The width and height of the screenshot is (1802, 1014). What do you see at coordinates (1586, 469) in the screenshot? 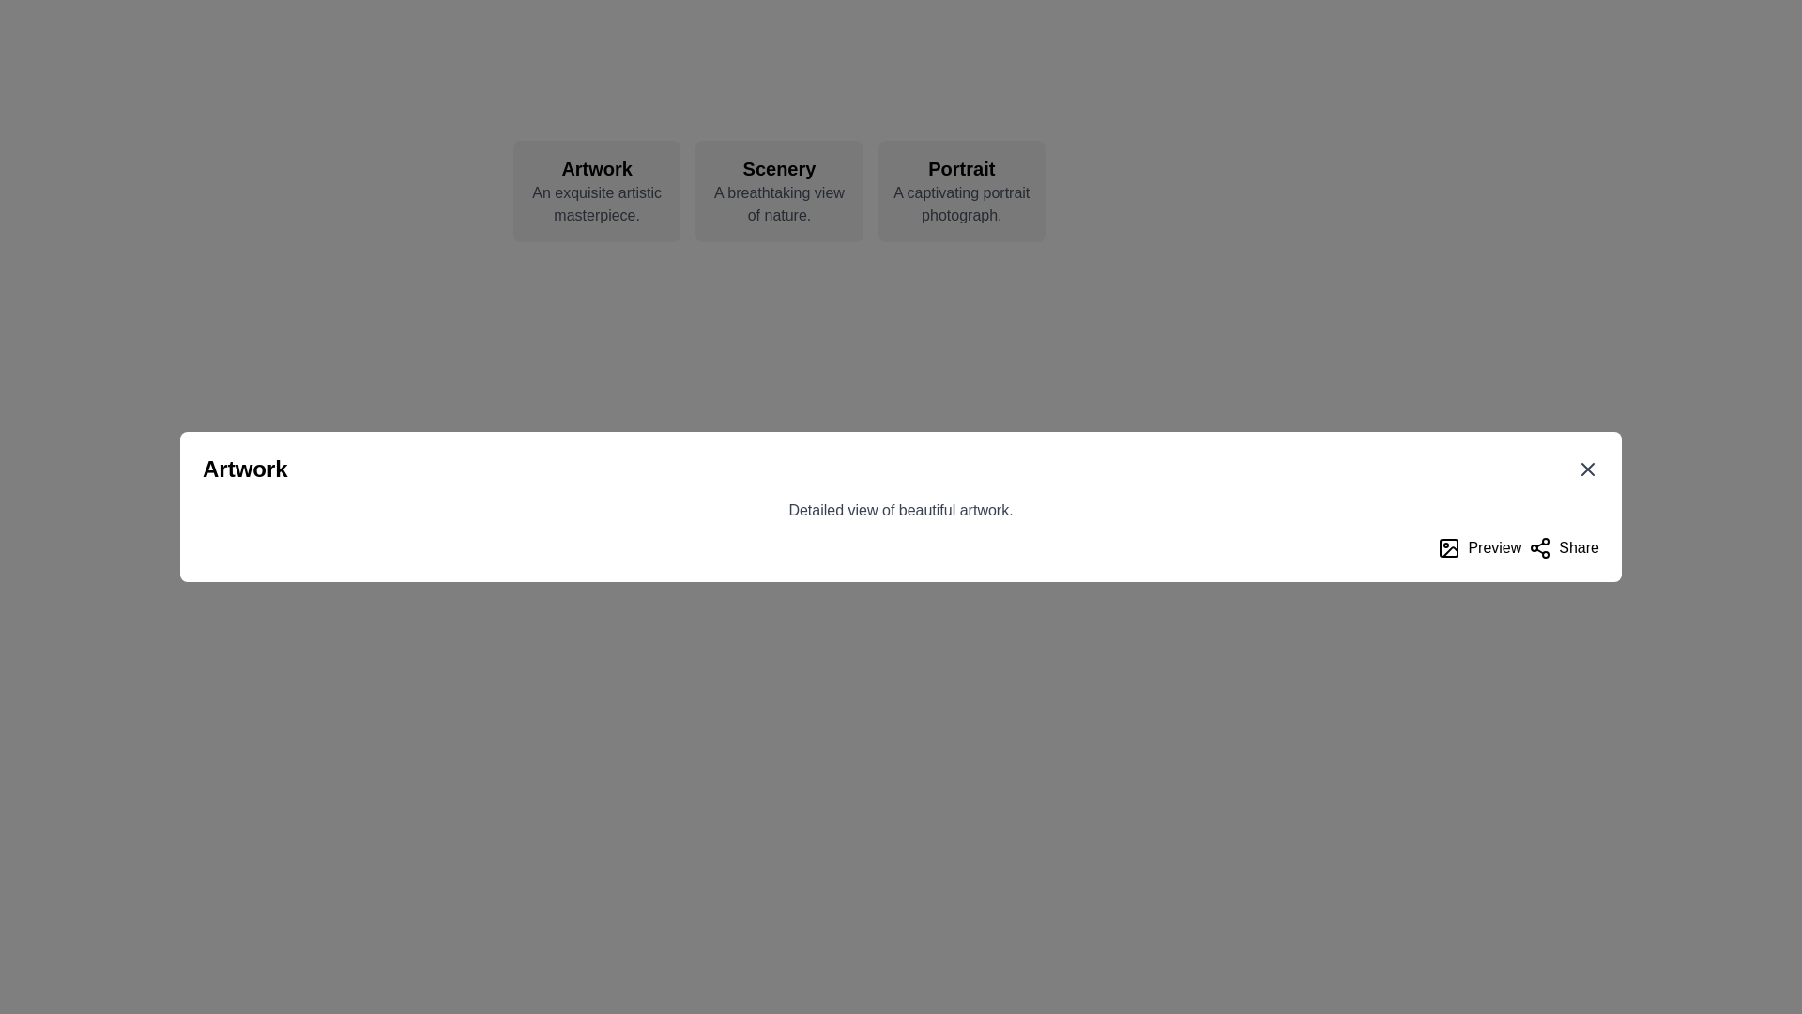
I see `the close button icon located at the top-right corner inside the modal` at bounding box center [1586, 469].